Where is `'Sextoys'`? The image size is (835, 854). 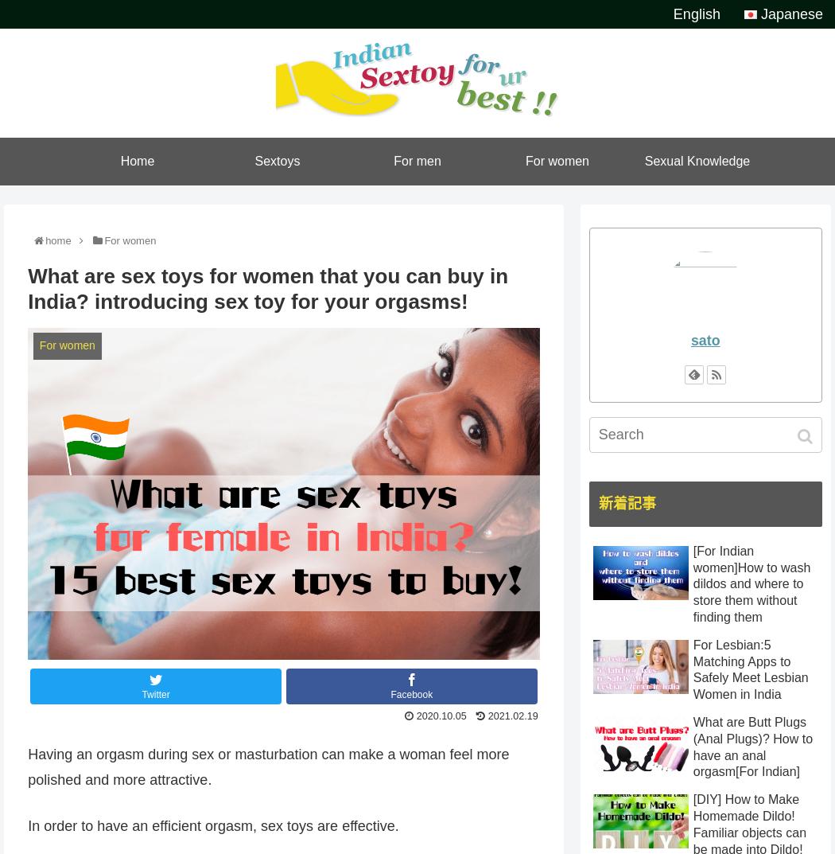
'Sextoys' is located at coordinates (276, 161).